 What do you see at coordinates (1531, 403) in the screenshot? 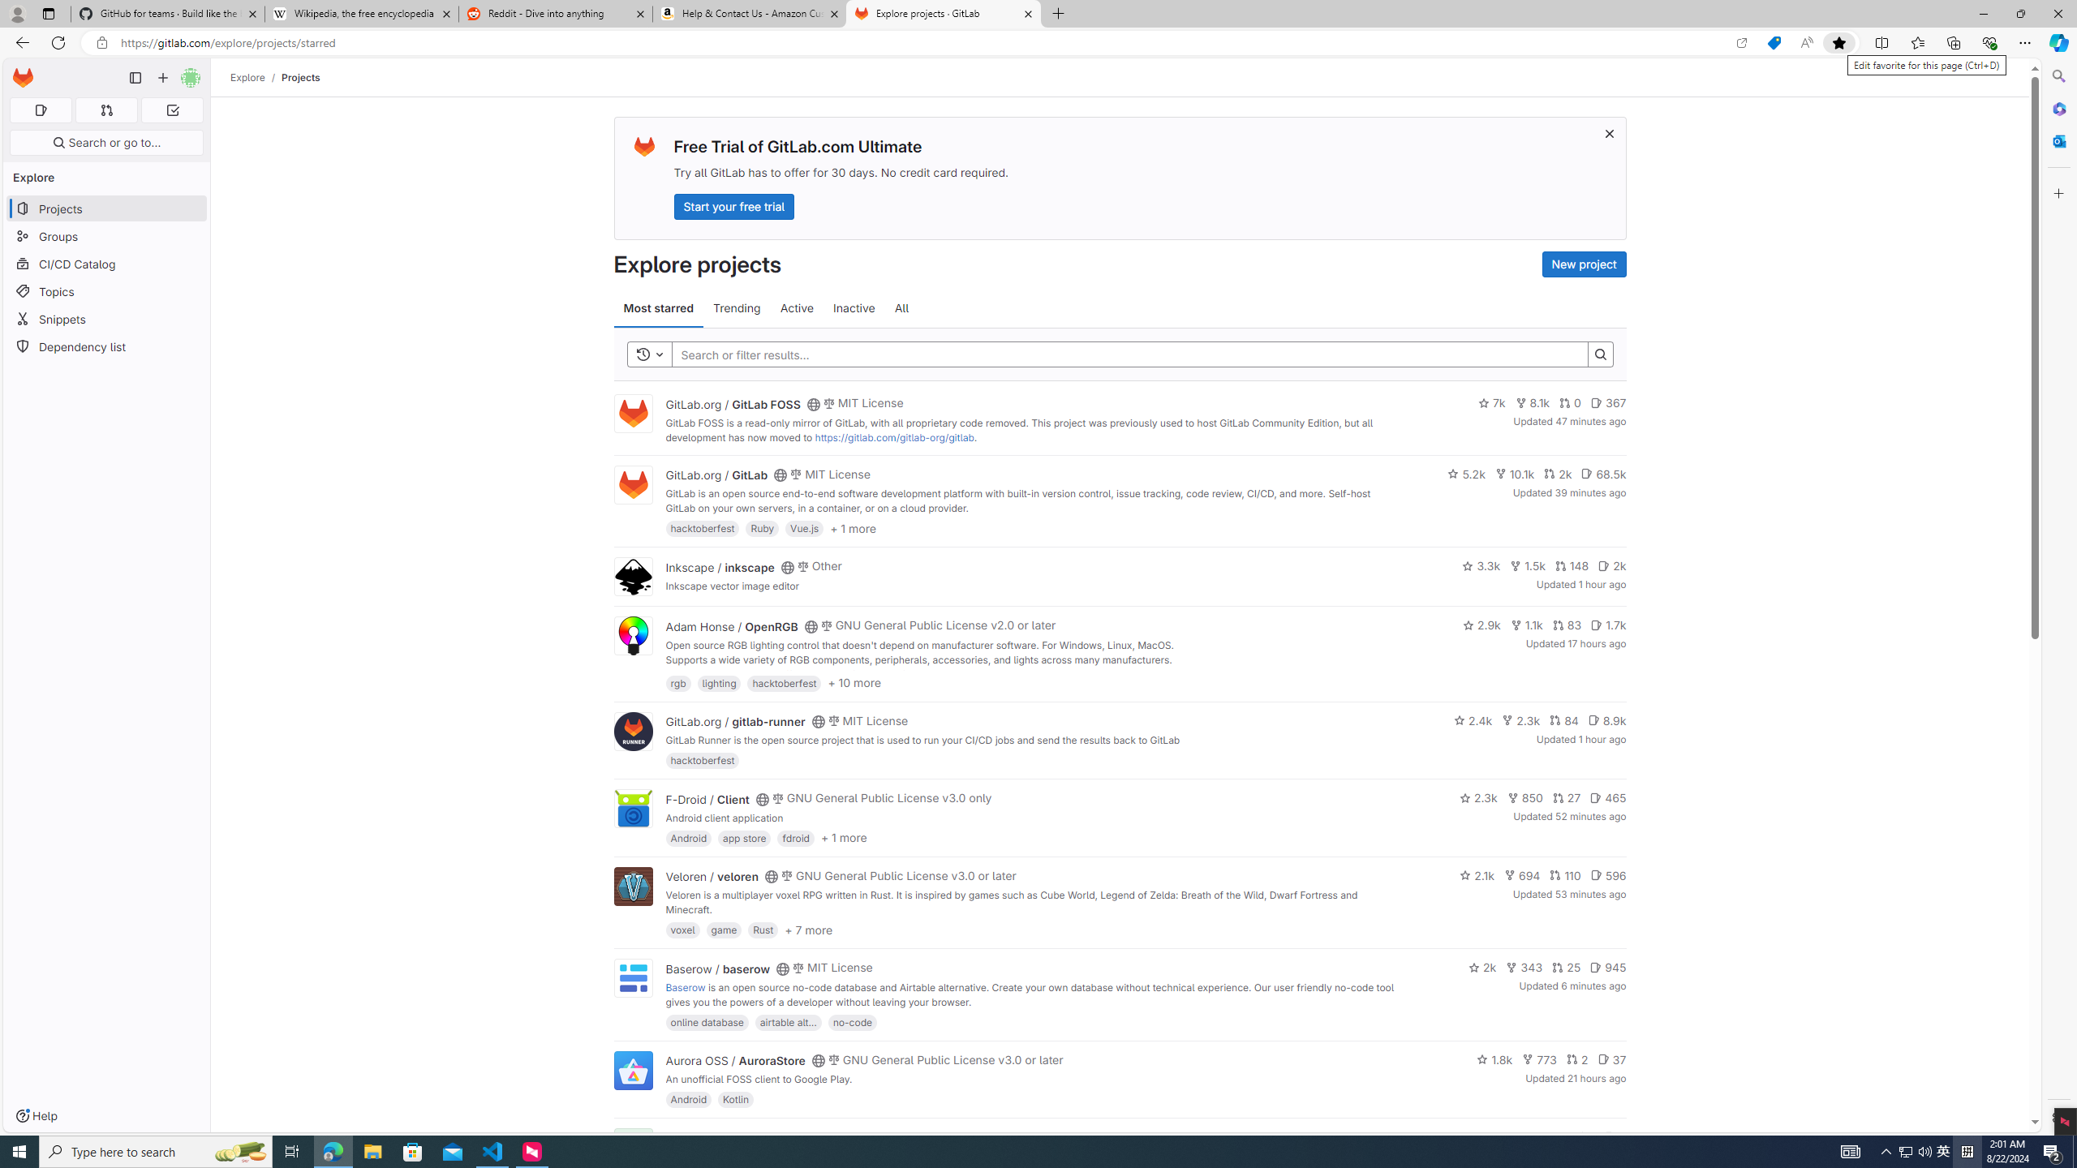
I see `'8.1k'` at bounding box center [1531, 403].